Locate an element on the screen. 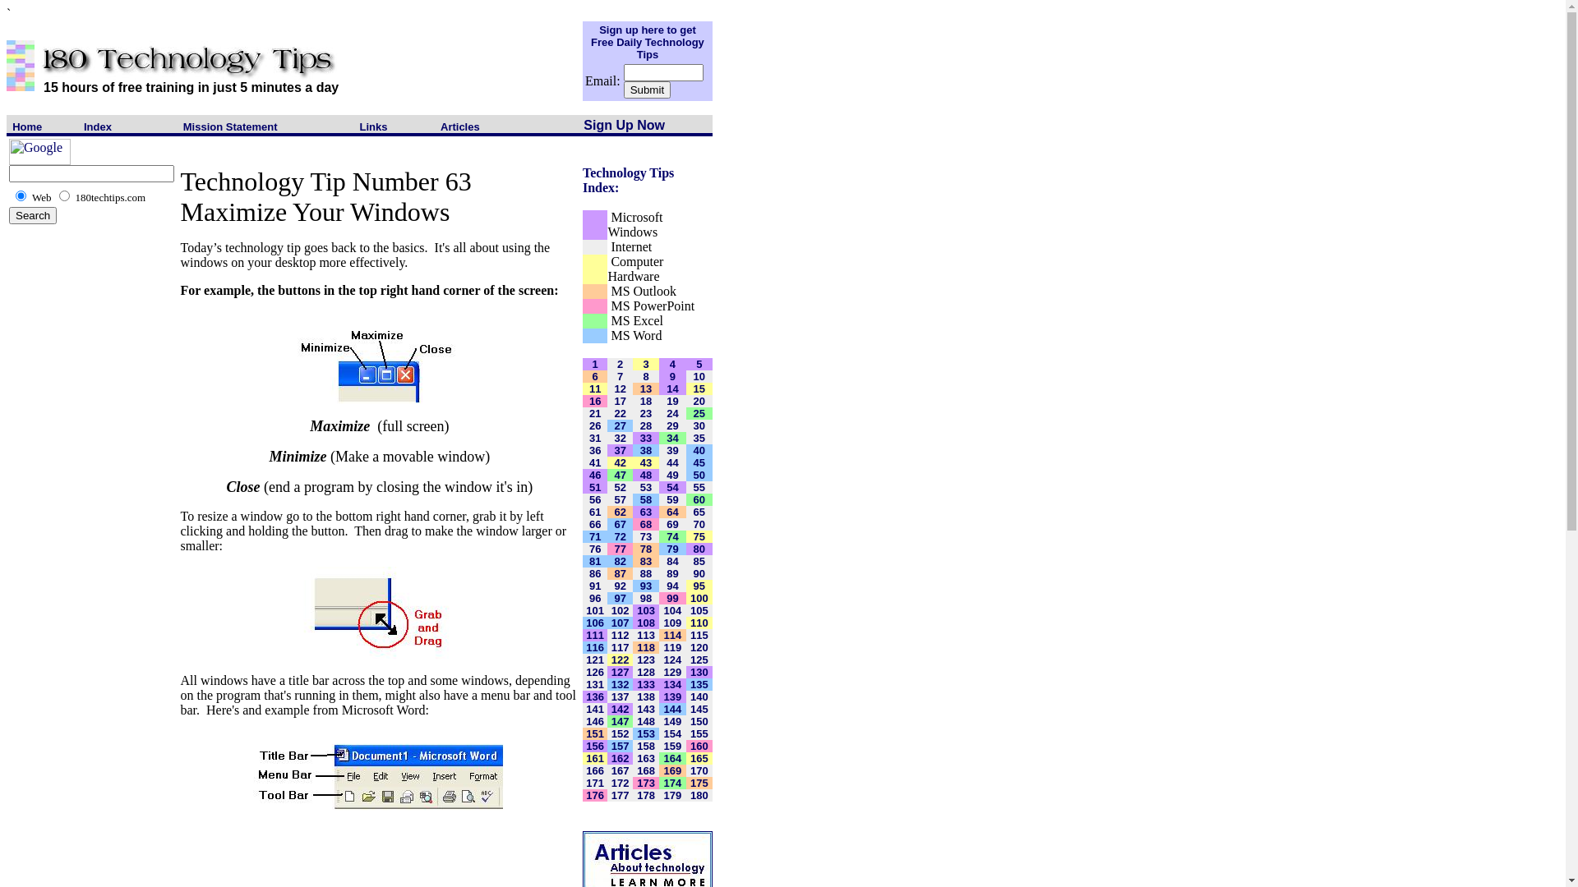 The height and width of the screenshot is (887, 1578). 'Home' is located at coordinates (27, 126).